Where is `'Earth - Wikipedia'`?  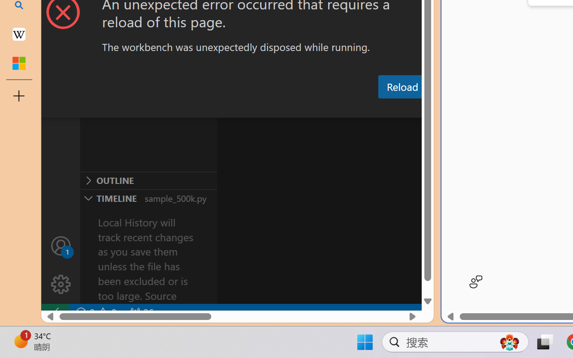
'Earth - Wikipedia' is located at coordinates (19, 34).